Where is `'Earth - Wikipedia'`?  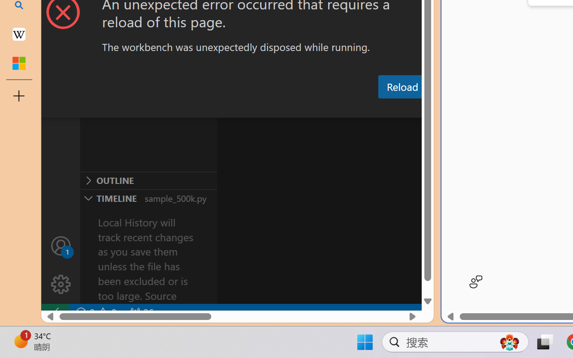
'Earth - Wikipedia' is located at coordinates (19, 34).